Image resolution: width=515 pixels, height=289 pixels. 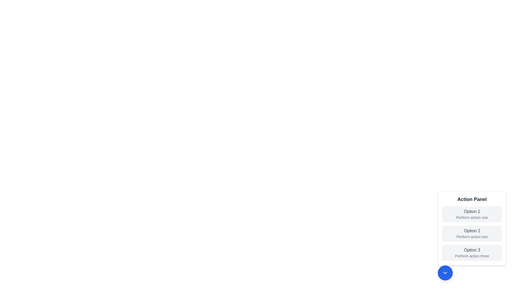 What do you see at coordinates (445, 273) in the screenshot?
I see `the button located at the bottom-right corner of the interface` at bounding box center [445, 273].